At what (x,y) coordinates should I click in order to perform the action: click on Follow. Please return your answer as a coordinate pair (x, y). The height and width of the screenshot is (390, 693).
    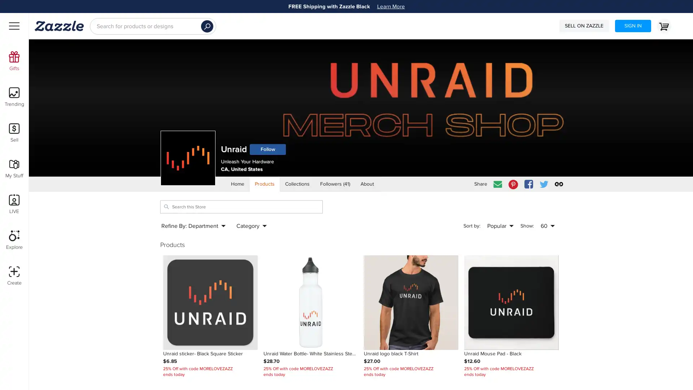
    Looking at the image, I should click on (267, 149).